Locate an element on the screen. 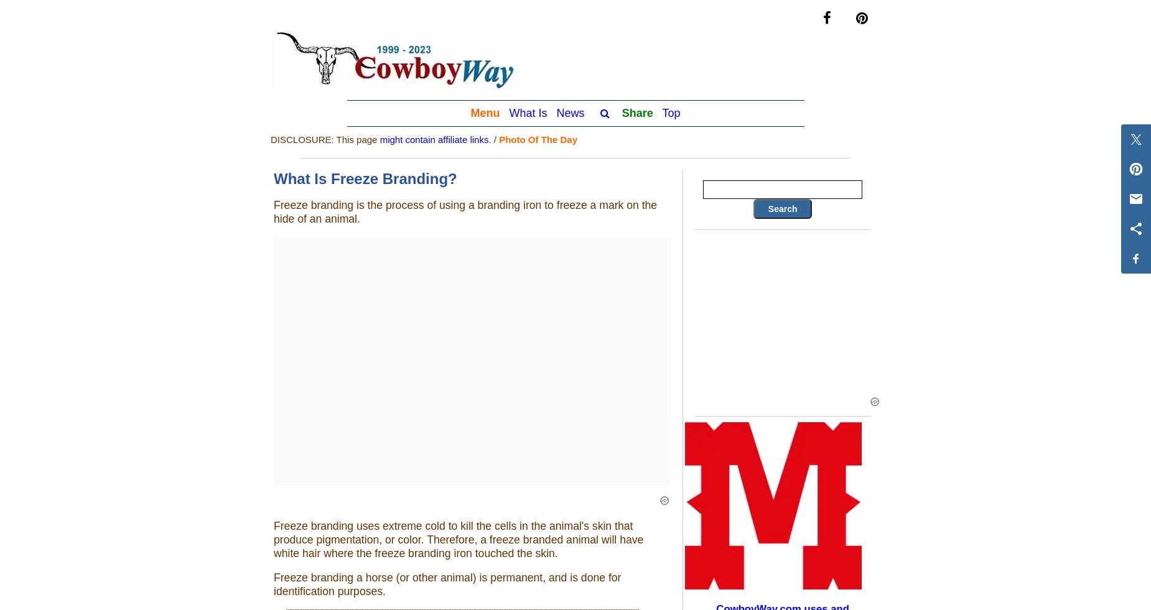 Image resolution: width=1151 pixels, height=610 pixels. 'Search' is located at coordinates (781, 208).